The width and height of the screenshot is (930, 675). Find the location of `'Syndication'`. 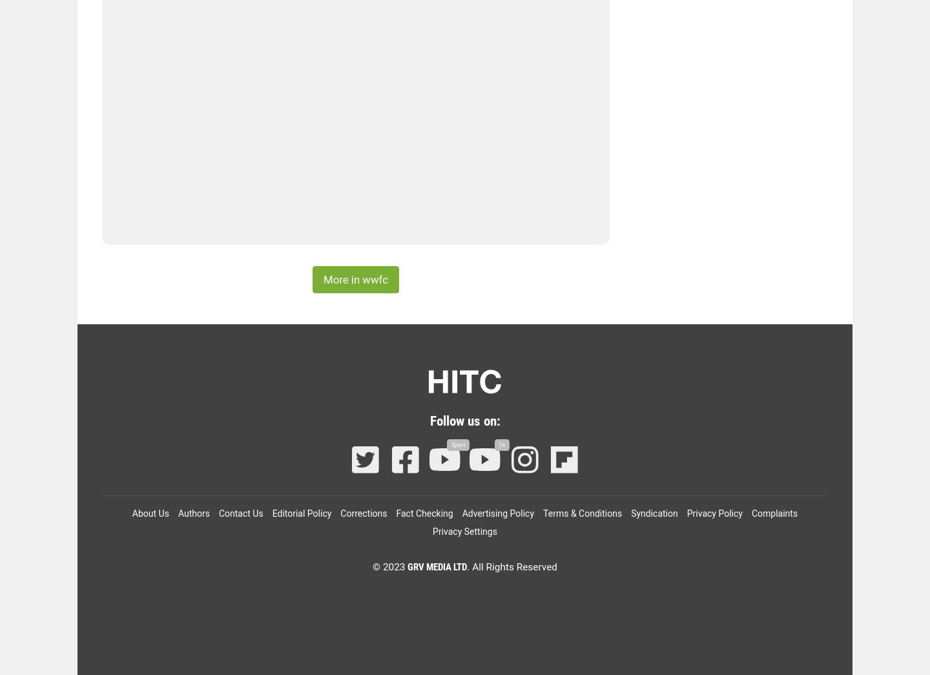

'Syndication' is located at coordinates (654, 514).